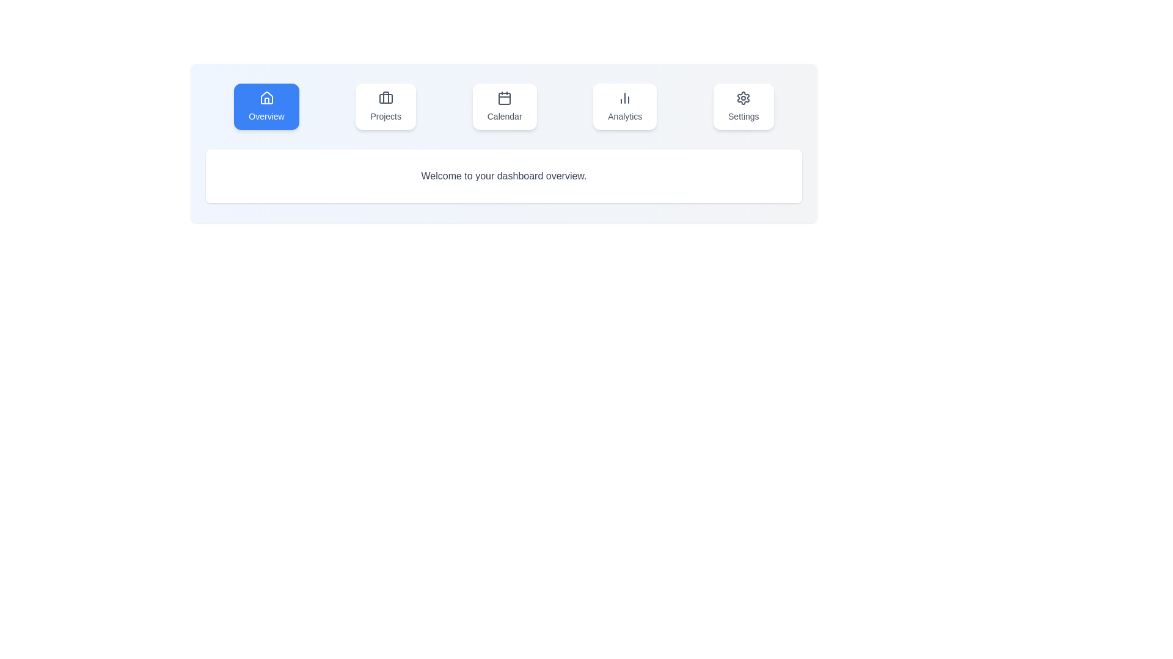  I want to click on the house icon within the blue-highlighted 'Overview' button in the top navigation menu, which serves as a metaphor for 'home' or 'dashboard', so click(266, 97).